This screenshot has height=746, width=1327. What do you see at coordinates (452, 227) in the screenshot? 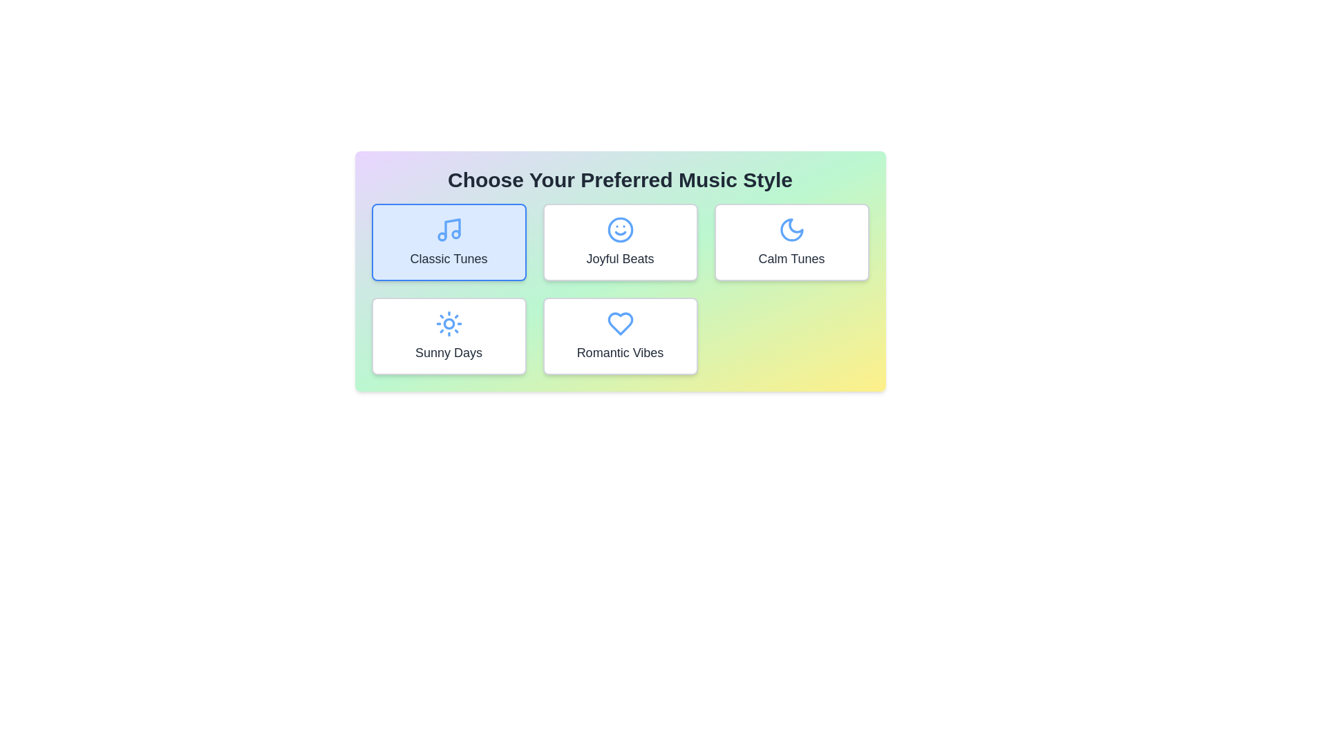
I see `the musical note icon rendered in a blue-themed style located in the 'Classic Tunes' section at the top-left of the selection panel` at bounding box center [452, 227].